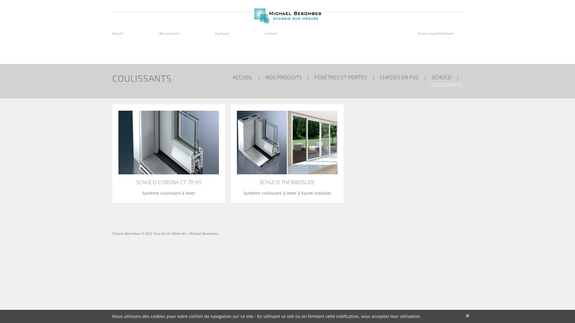 The image size is (575, 323). What do you see at coordinates (265, 77) in the screenshot?
I see `'NOS PRODUITS'` at bounding box center [265, 77].